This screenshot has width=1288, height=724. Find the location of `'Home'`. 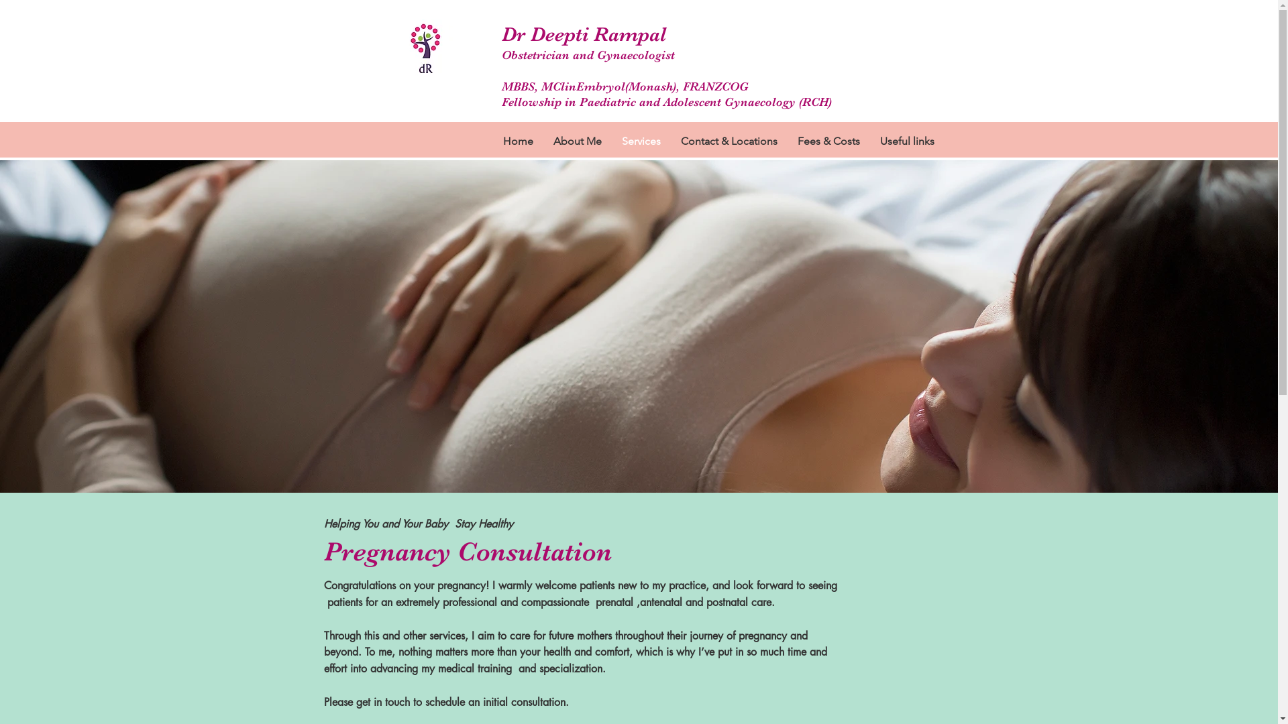

'Home' is located at coordinates (517, 140).